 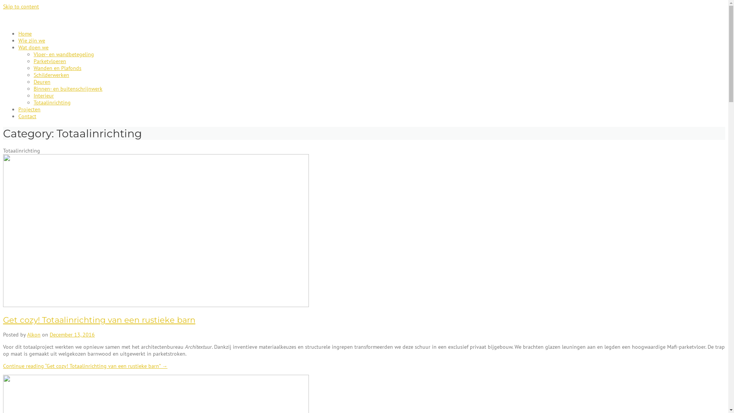 I want to click on 'Get cozy! Totaalinrichting van een rustieke barn', so click(x=3, y=320).